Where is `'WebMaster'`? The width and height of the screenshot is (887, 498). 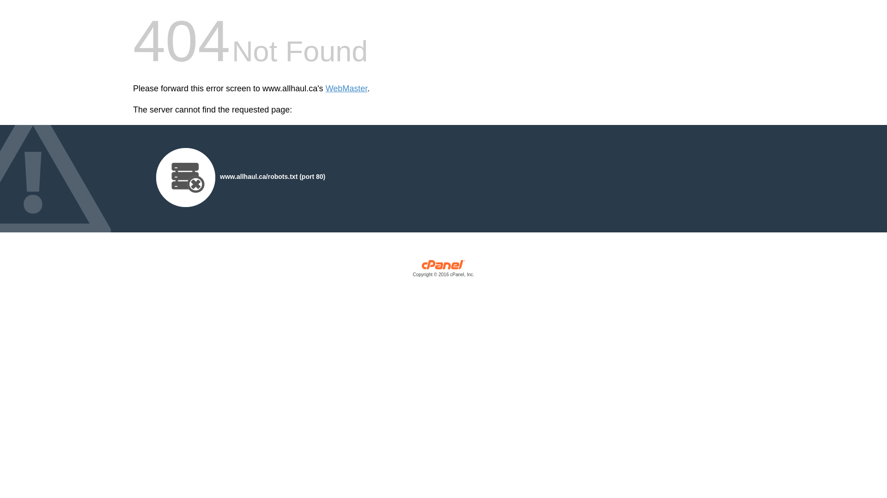 'WebMaster' is located at coordinates (346, 89).